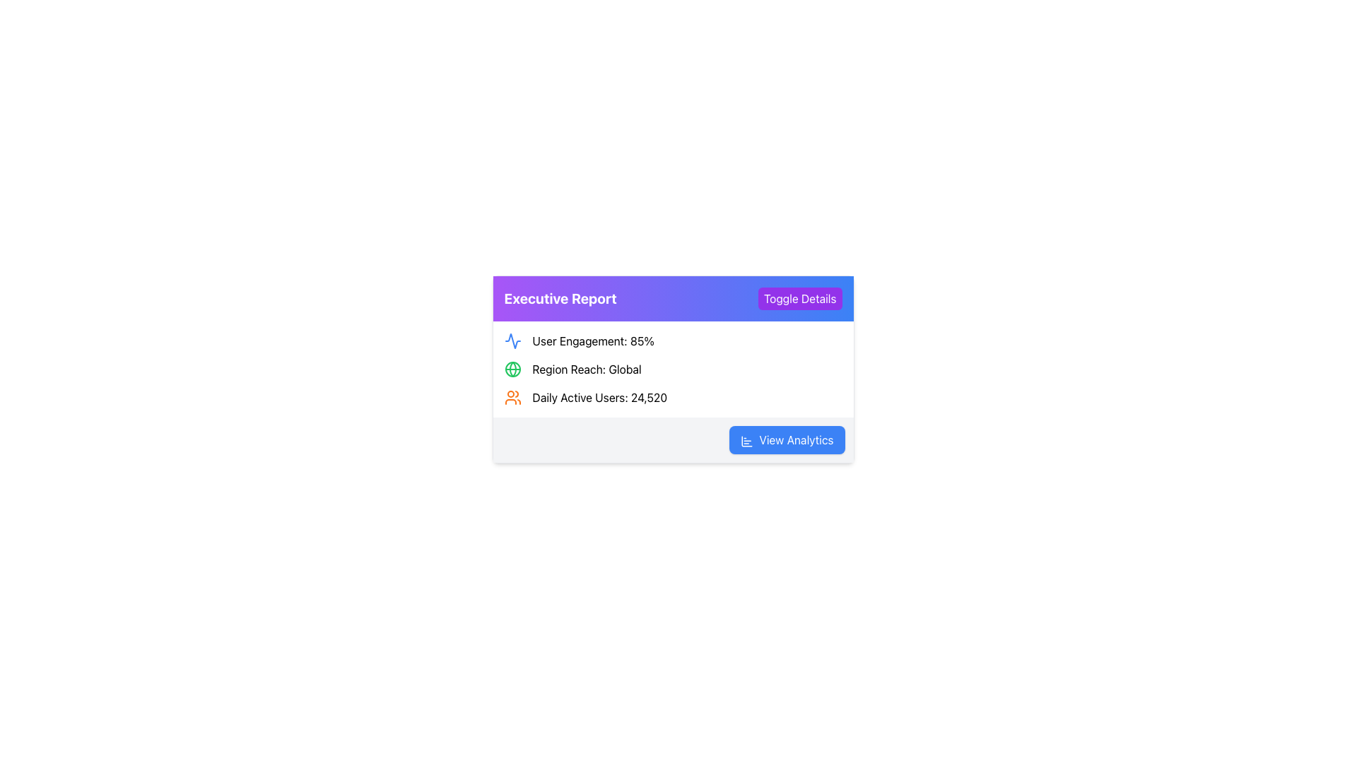 The image size is (1357, 763). I want to click on the user icon located to the far left of the text 'Daily Active Users: 24,520' within the 'Executive Report' content box, so click(512, 398).